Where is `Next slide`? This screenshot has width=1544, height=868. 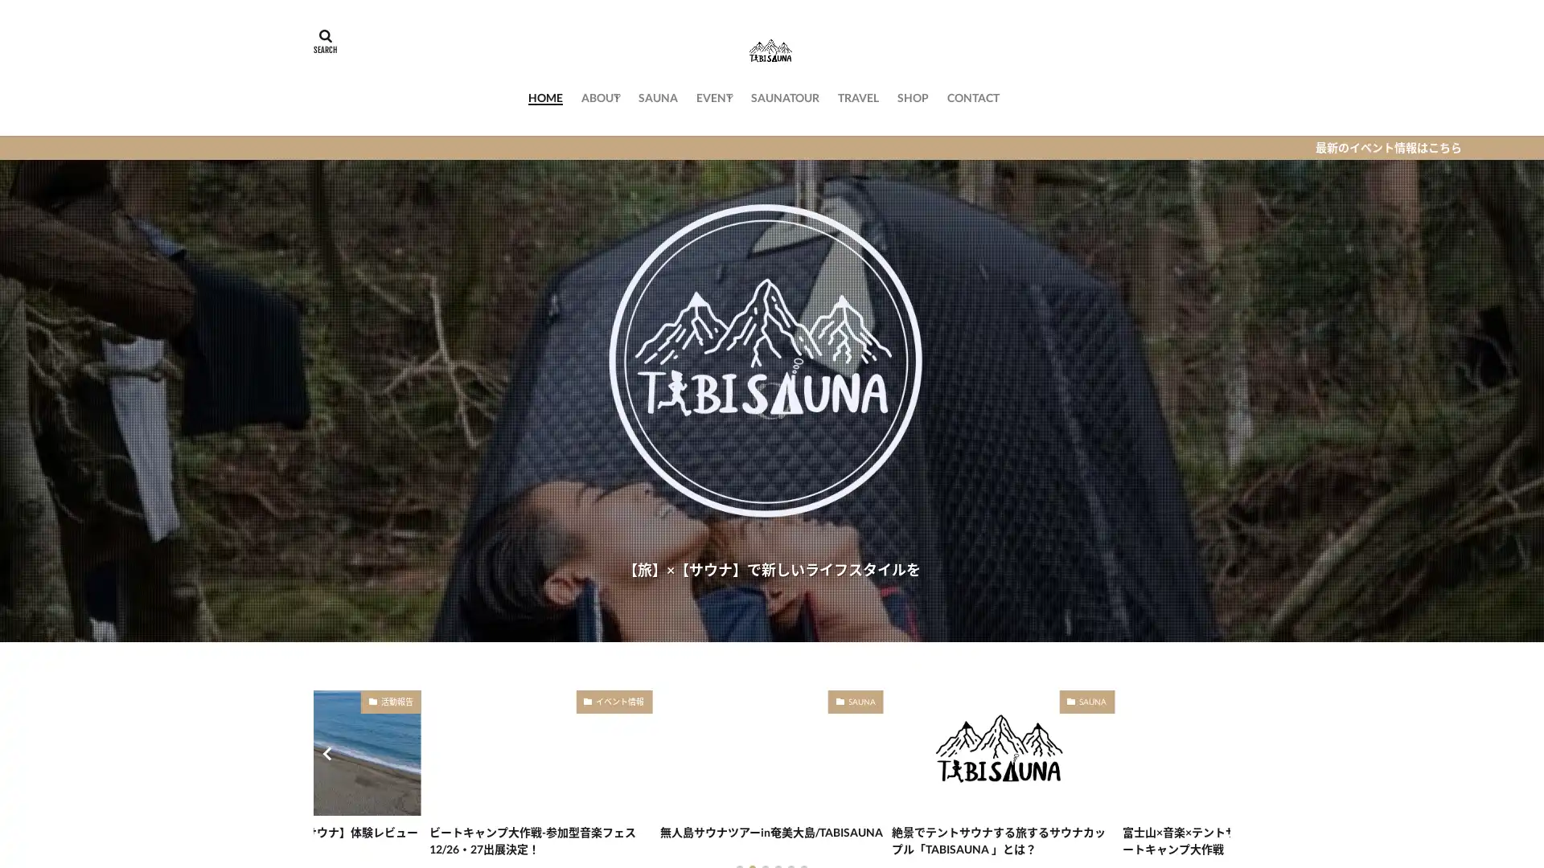
Next slide is located at coordinates (1214, 753).